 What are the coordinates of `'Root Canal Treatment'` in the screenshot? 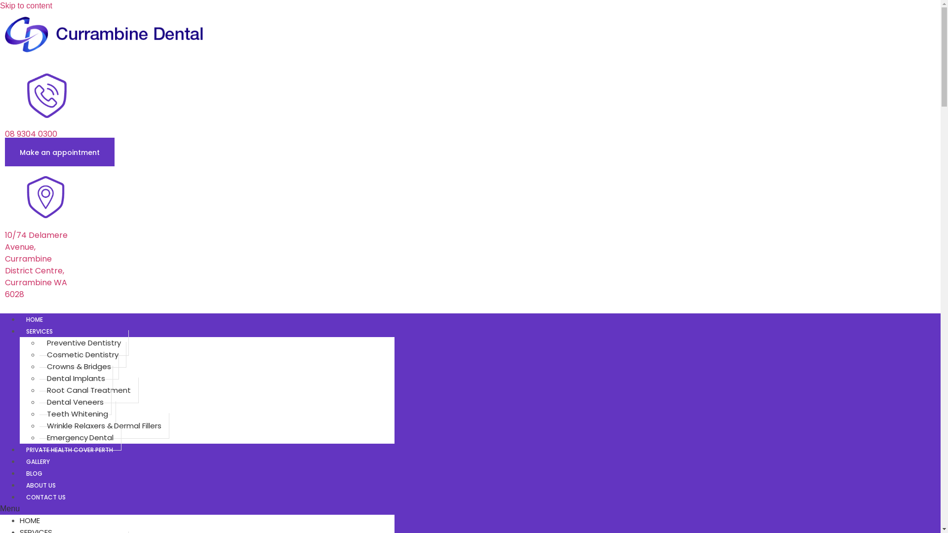 It's located at (39, 389).